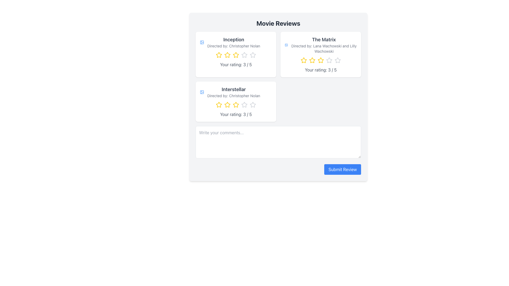  What do you see at coordinates (235, 55) in the screenshot?
I see `the third star icon from the left in the rating system of the 'Inception' review card to rate it` at bounding box center [235, 55].